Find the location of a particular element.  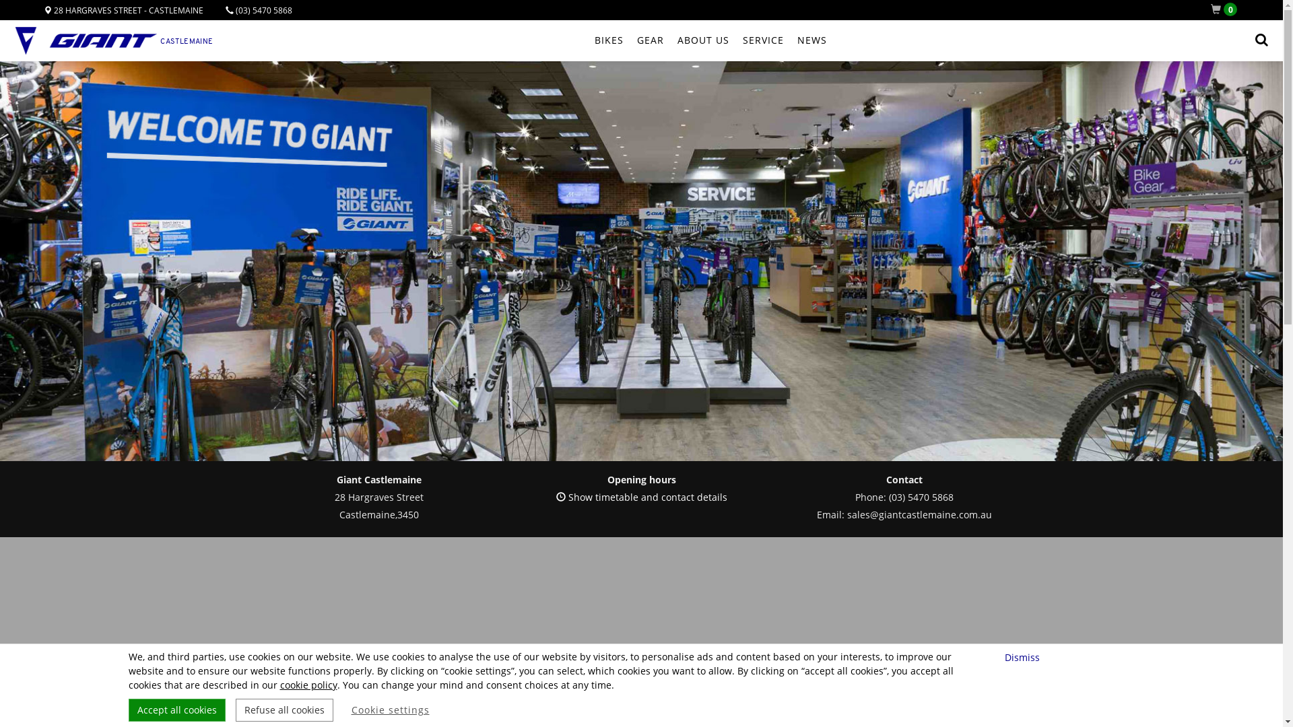

'ABOUT US' is located at coordinates (702, 40).